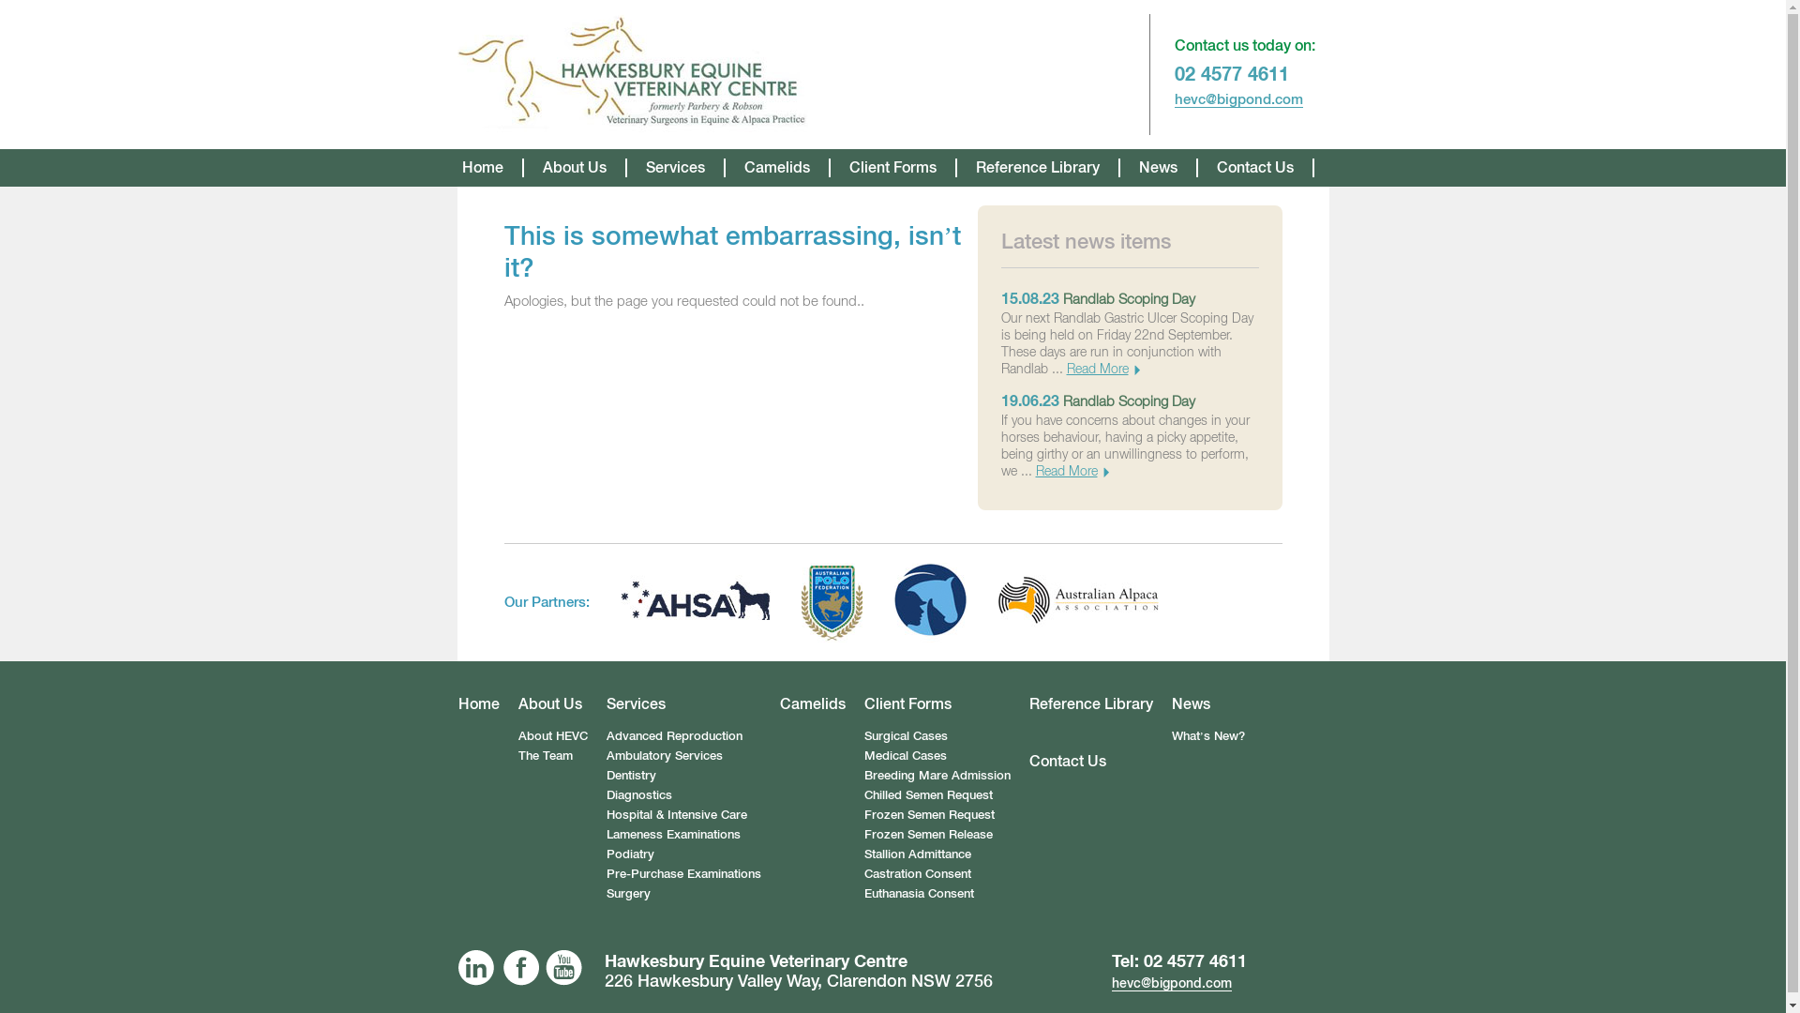 This screenshot has width=1800, height=1013. Describe the element at coordinates (936, 704) in the screenshot. I see `'Client Forms'` at that location.